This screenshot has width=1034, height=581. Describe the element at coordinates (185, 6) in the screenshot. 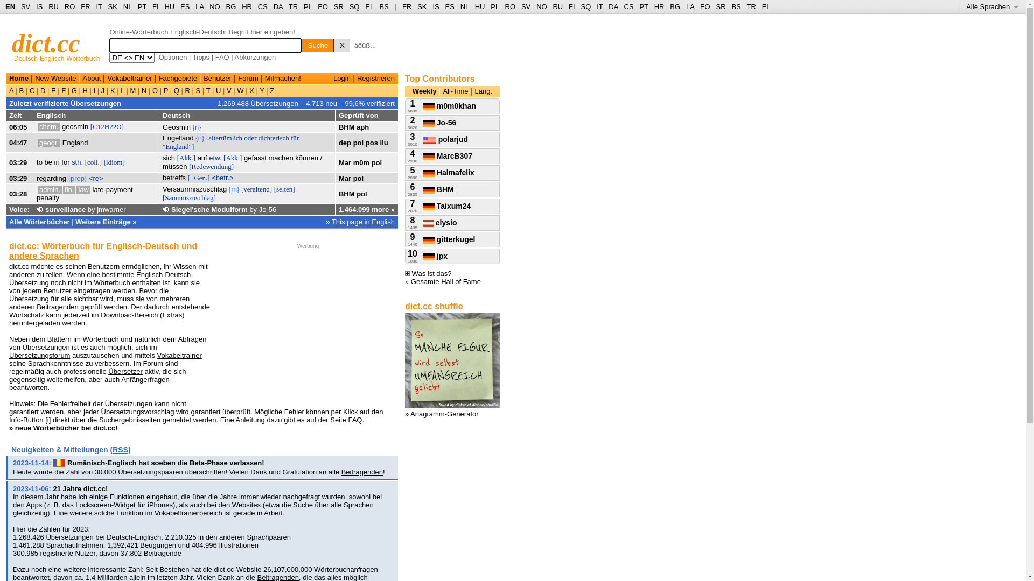

I see `'ES'` at that location.